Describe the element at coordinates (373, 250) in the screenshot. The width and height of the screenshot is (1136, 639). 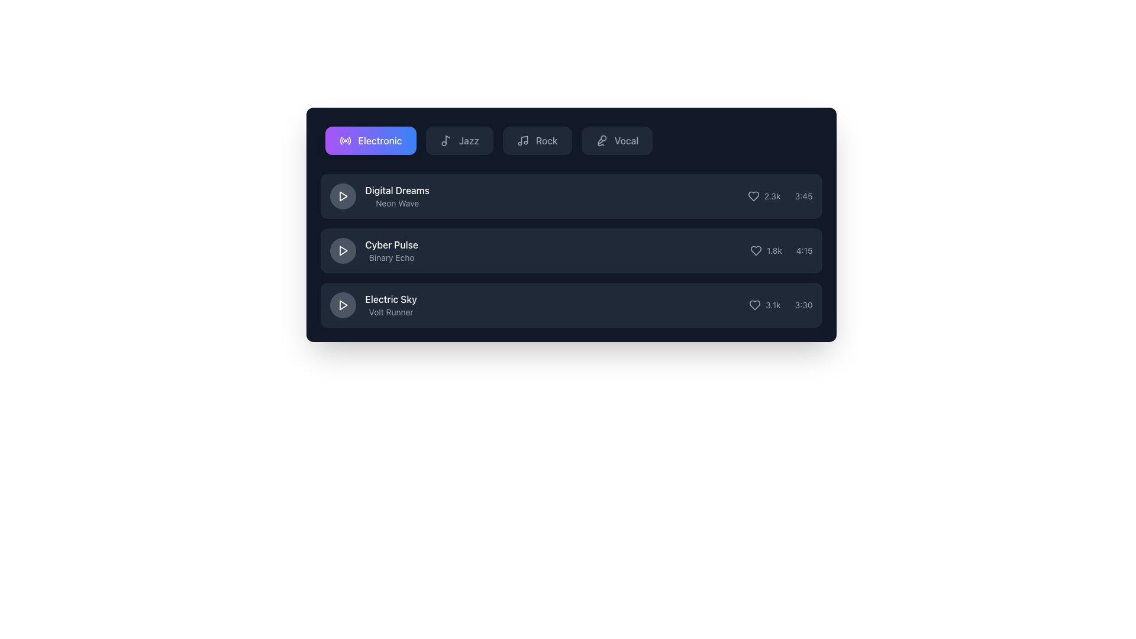
I see `the textual content of the 'Cyber Pulse' display, which includes the title and subtitle` at that location.